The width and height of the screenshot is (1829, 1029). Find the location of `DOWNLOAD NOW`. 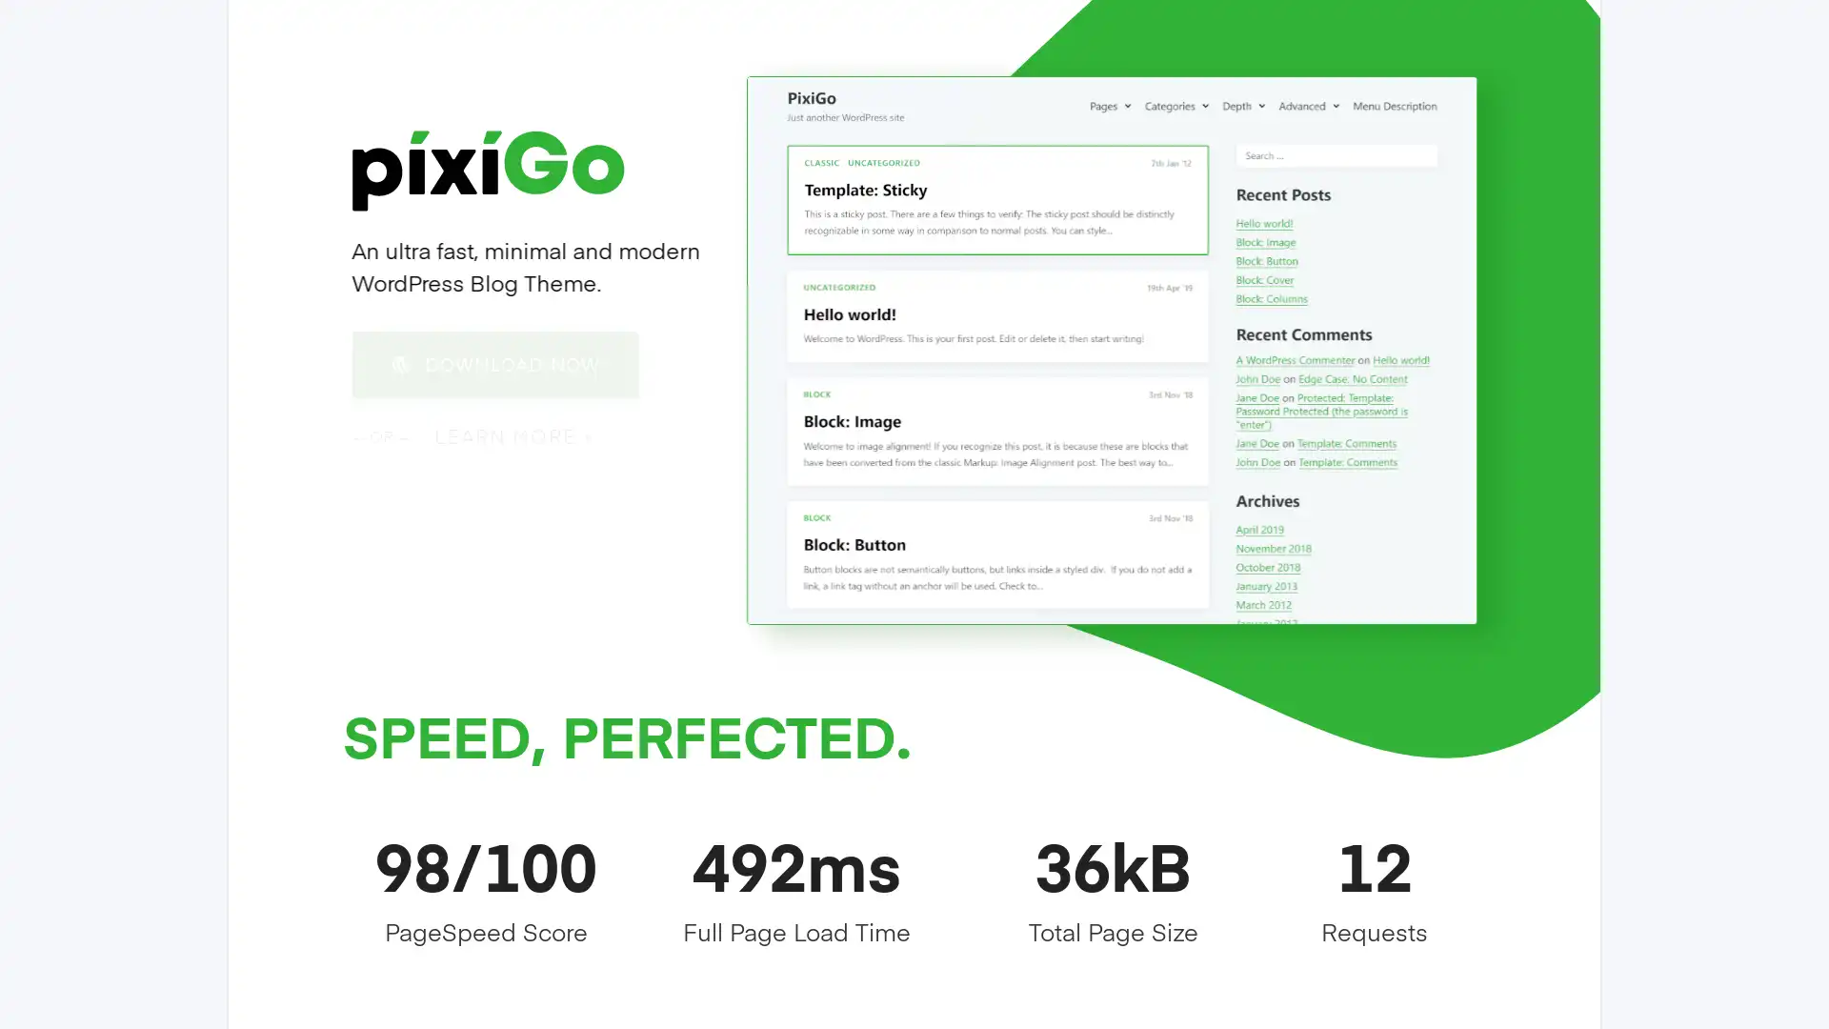

DOWNLOAD NOW is located at coordinates (494, 363).